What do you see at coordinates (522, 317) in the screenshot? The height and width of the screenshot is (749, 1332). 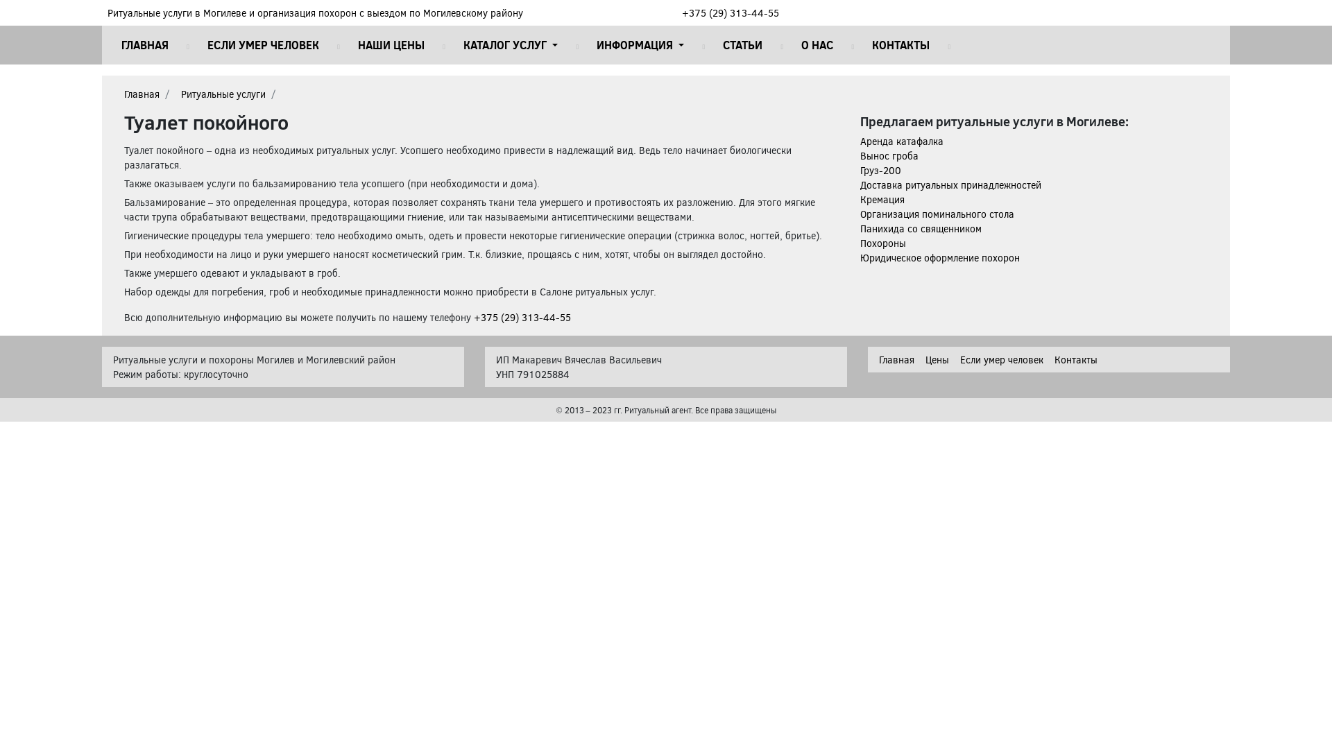 I see `'+375 (29) 313-44-55'` at bounding box center [522, 317].